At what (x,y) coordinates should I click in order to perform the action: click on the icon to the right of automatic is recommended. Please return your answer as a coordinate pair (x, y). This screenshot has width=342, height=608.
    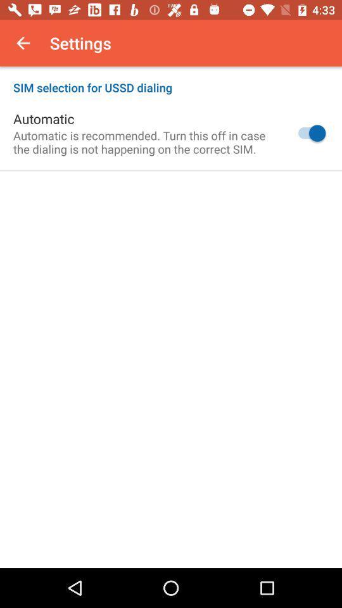
    Looking at the image, I should click on (308, 133).